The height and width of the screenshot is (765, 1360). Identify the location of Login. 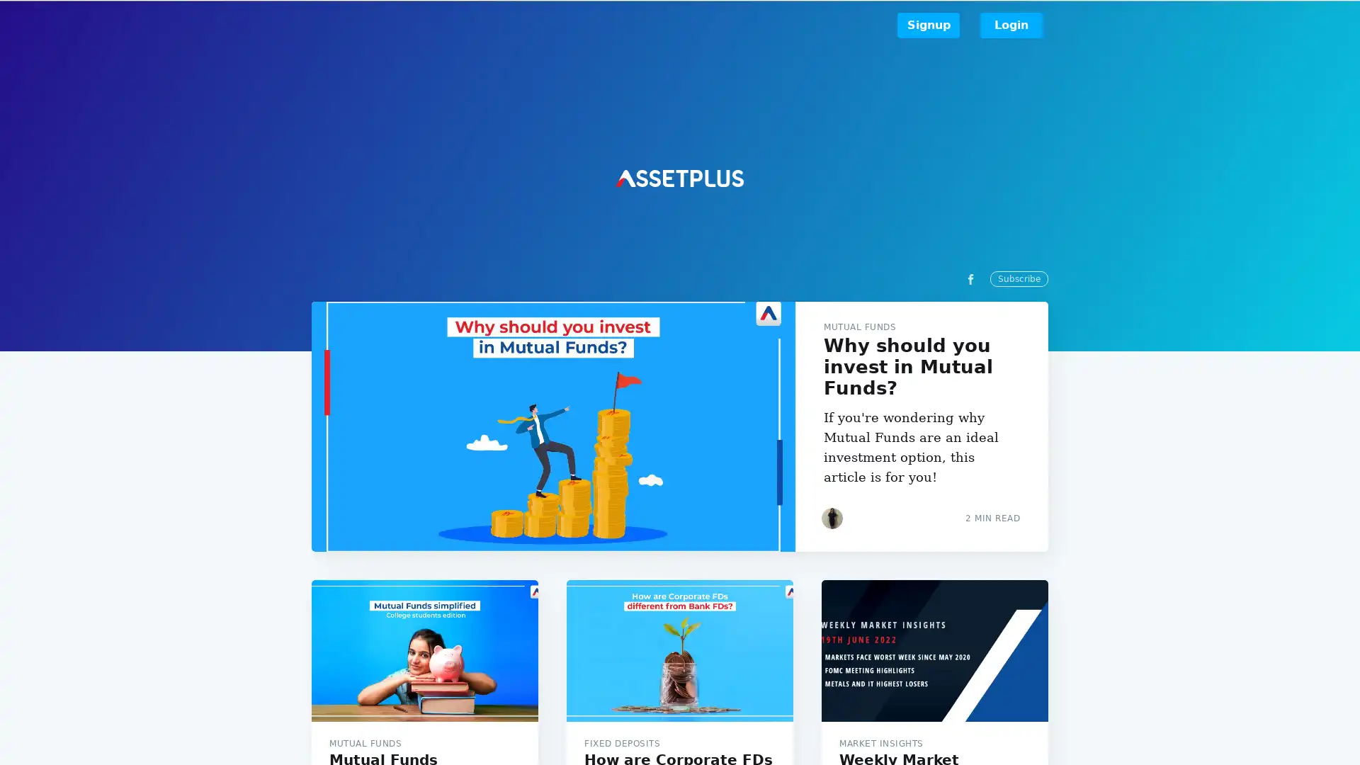
(1011, 25).